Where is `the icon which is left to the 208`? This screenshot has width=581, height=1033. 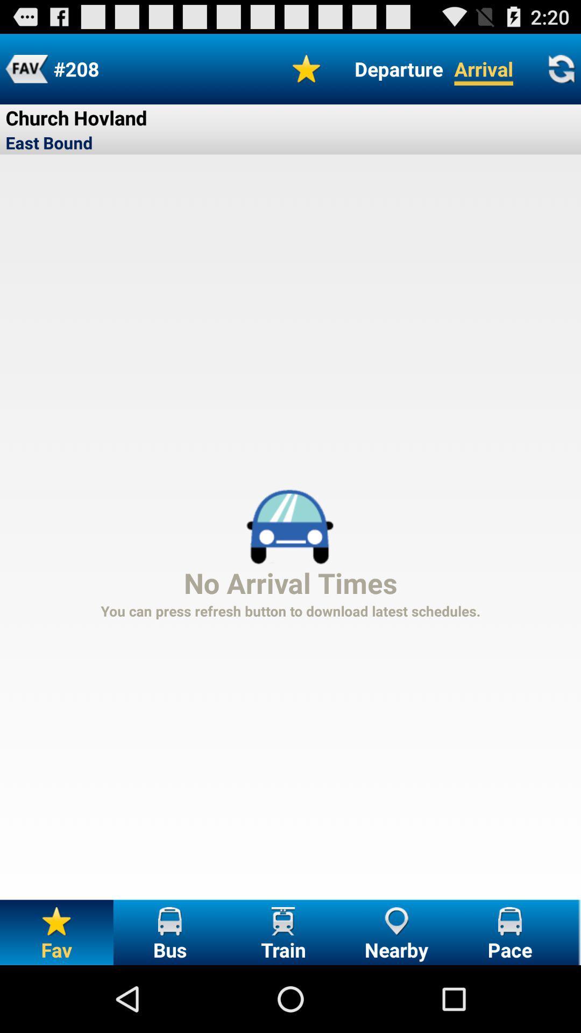 the icon which is left to the 208 is located at coordinates (26, 68).